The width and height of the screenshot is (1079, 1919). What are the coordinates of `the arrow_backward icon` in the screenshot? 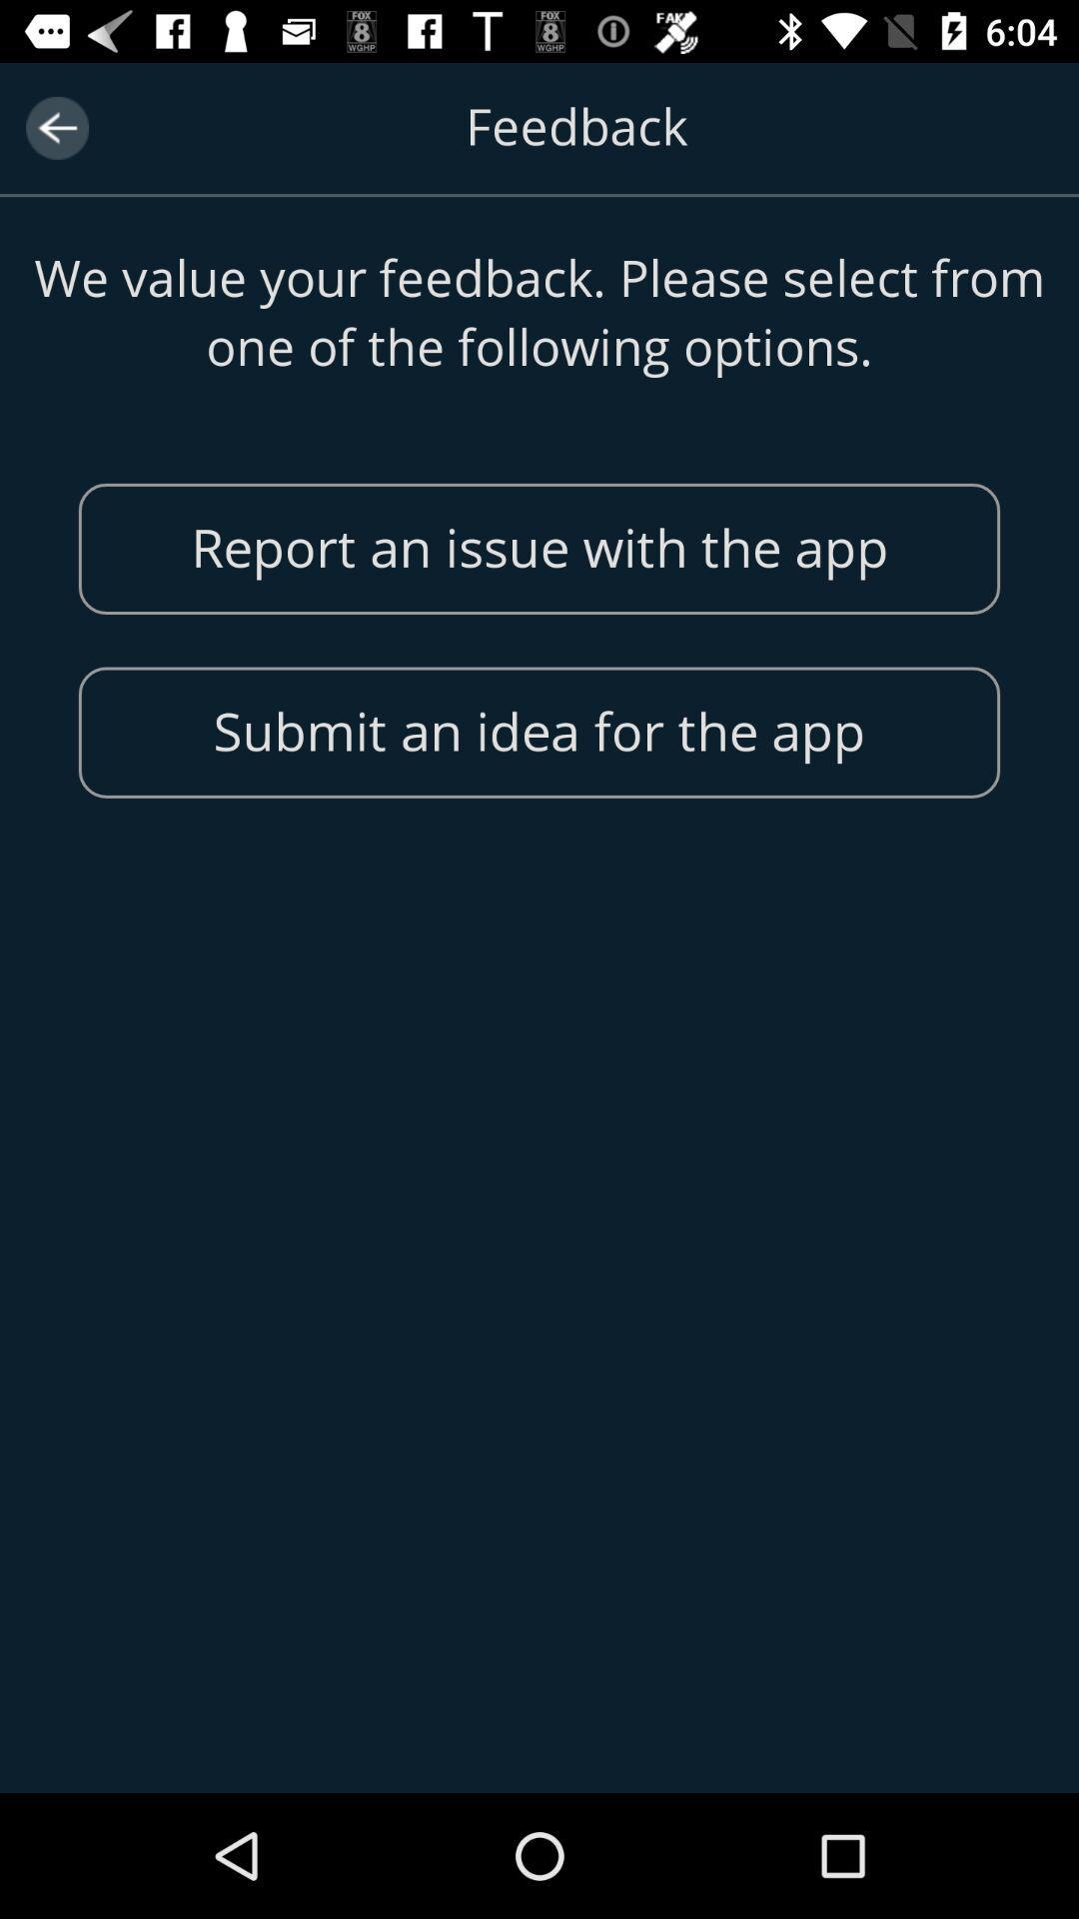 It's located at (56, 127).